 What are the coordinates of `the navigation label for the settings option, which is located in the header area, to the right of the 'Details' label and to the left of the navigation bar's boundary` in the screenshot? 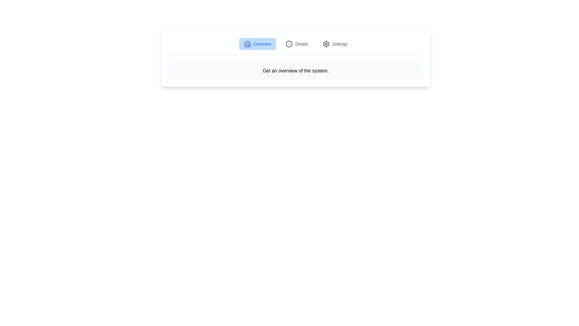 It's located at (340, 44).